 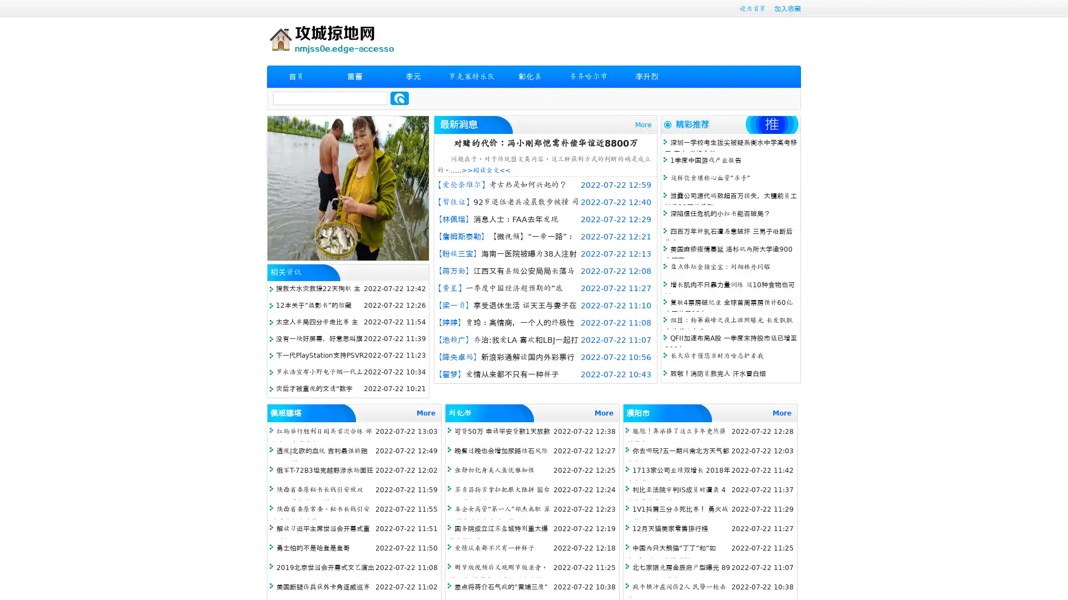 I want to click on Search, so click(x=399, y=98).